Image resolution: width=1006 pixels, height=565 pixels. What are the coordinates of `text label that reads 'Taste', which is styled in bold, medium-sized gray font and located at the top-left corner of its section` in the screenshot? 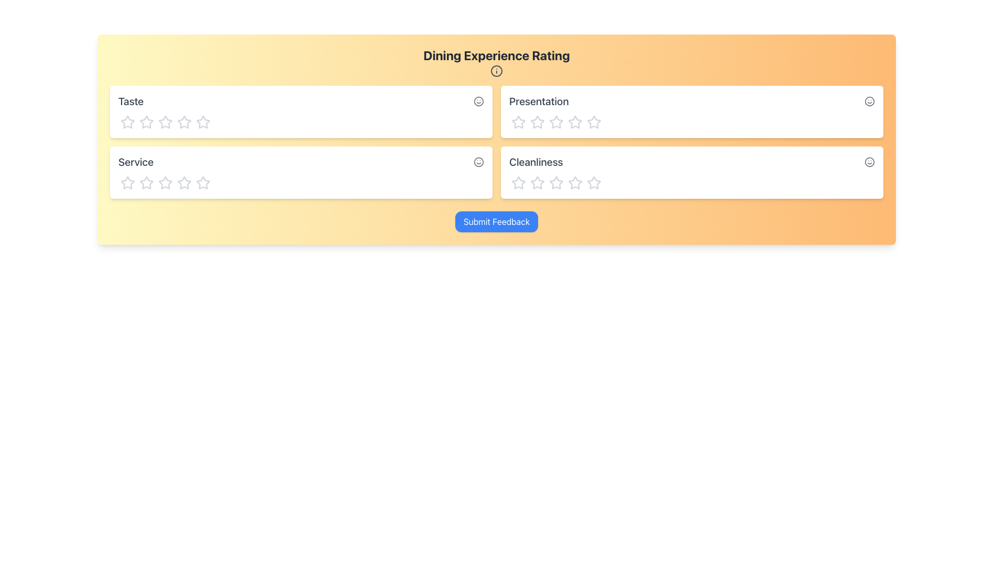 It's located at (130, 101).